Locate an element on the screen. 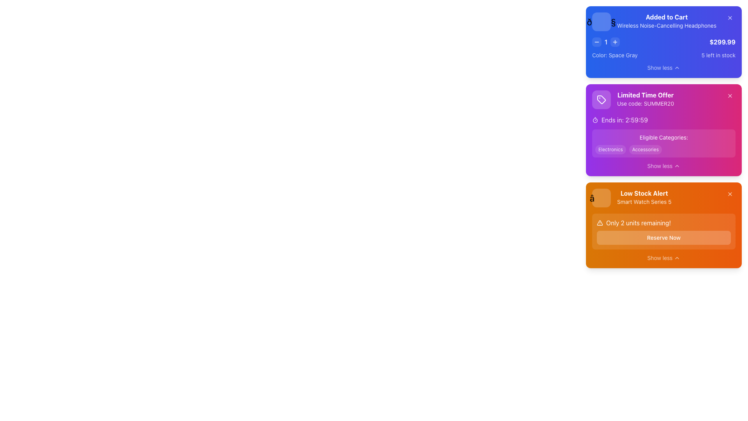  the interactive text label located at the bottom of the 'Limited Time Offer' card is located at coordinates (660, 165).